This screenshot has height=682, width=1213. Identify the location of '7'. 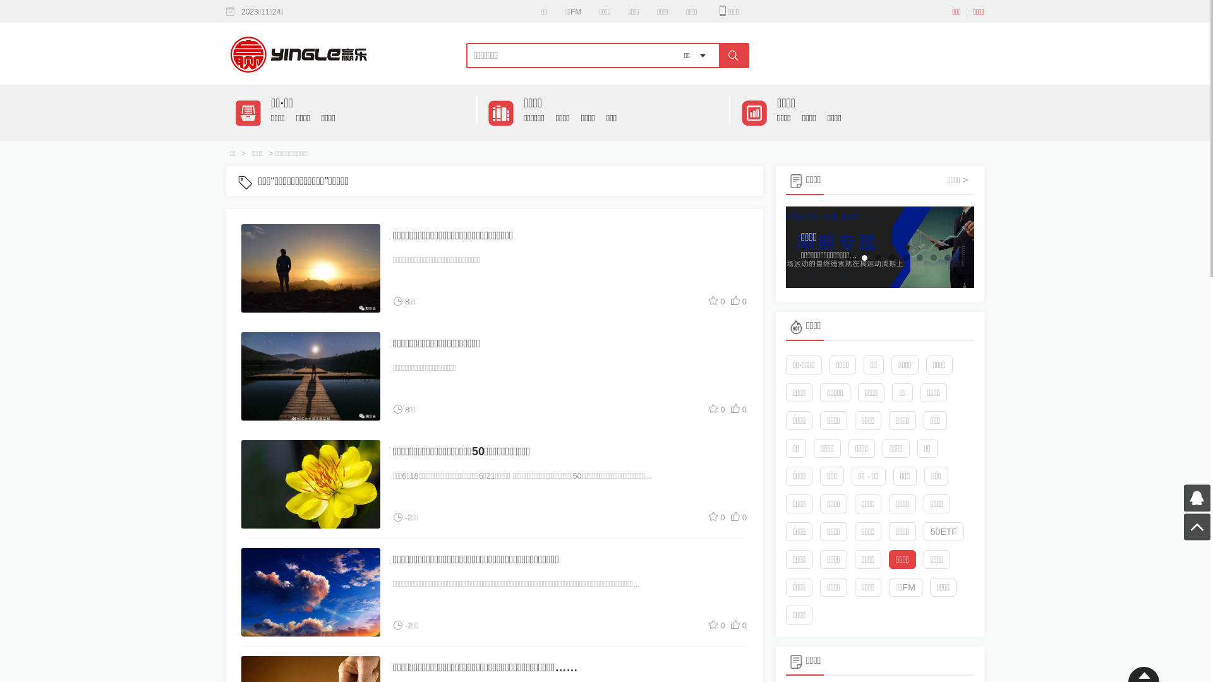
(891, 257).